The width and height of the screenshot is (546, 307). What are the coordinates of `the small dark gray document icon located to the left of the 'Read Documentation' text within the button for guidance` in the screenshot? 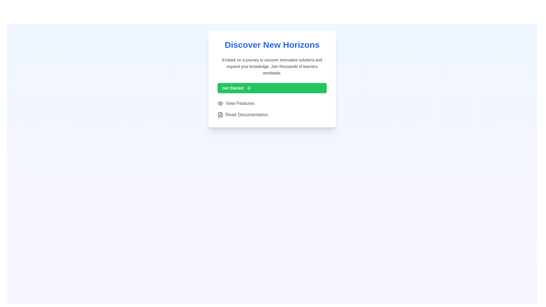 It's located at (220, 115).